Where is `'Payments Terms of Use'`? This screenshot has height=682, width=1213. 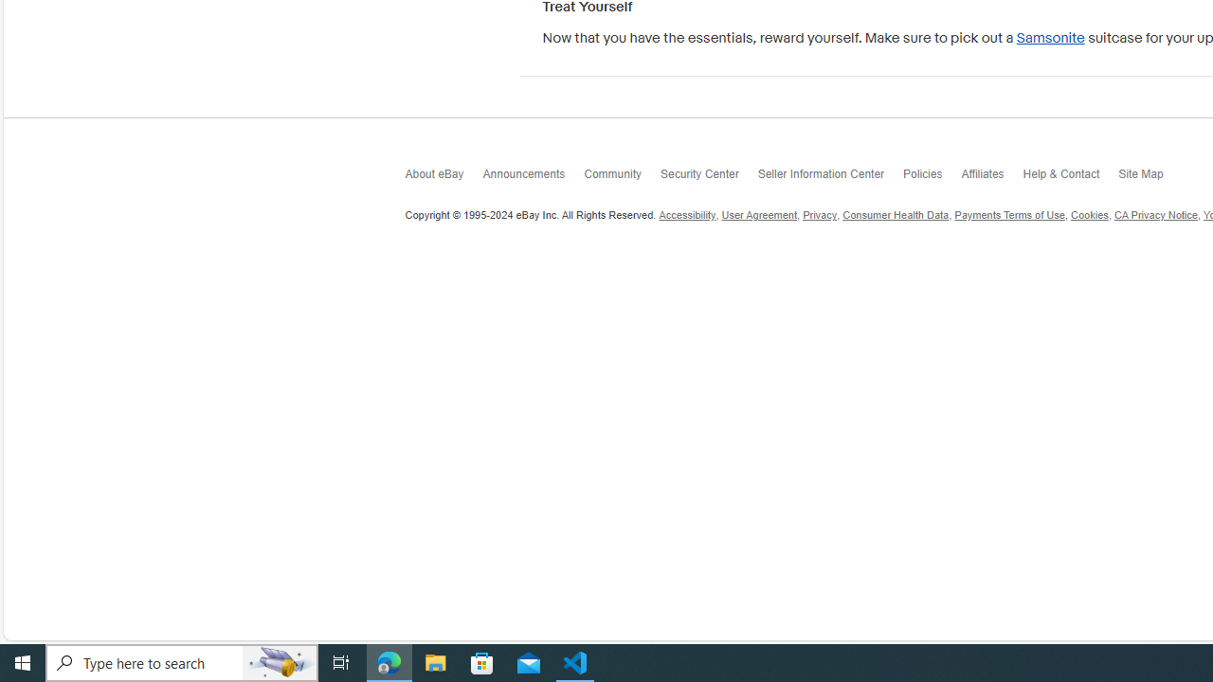 'Payments Terms of Use' is located at coordinates (1008, 214).